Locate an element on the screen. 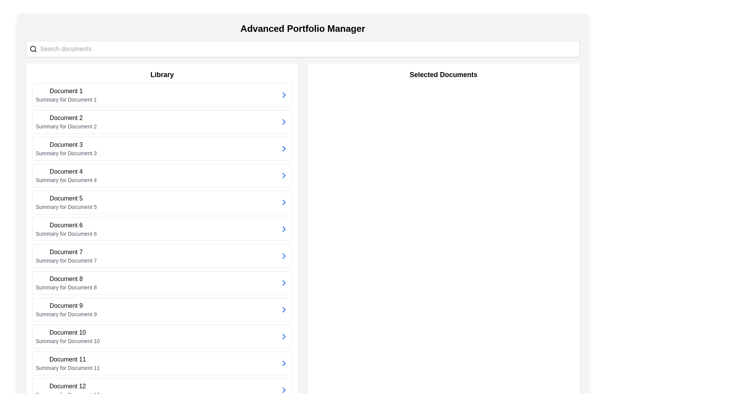  the Composite text item labeled 'Document 3' in the Library pane is located at coordinates (66, 149).